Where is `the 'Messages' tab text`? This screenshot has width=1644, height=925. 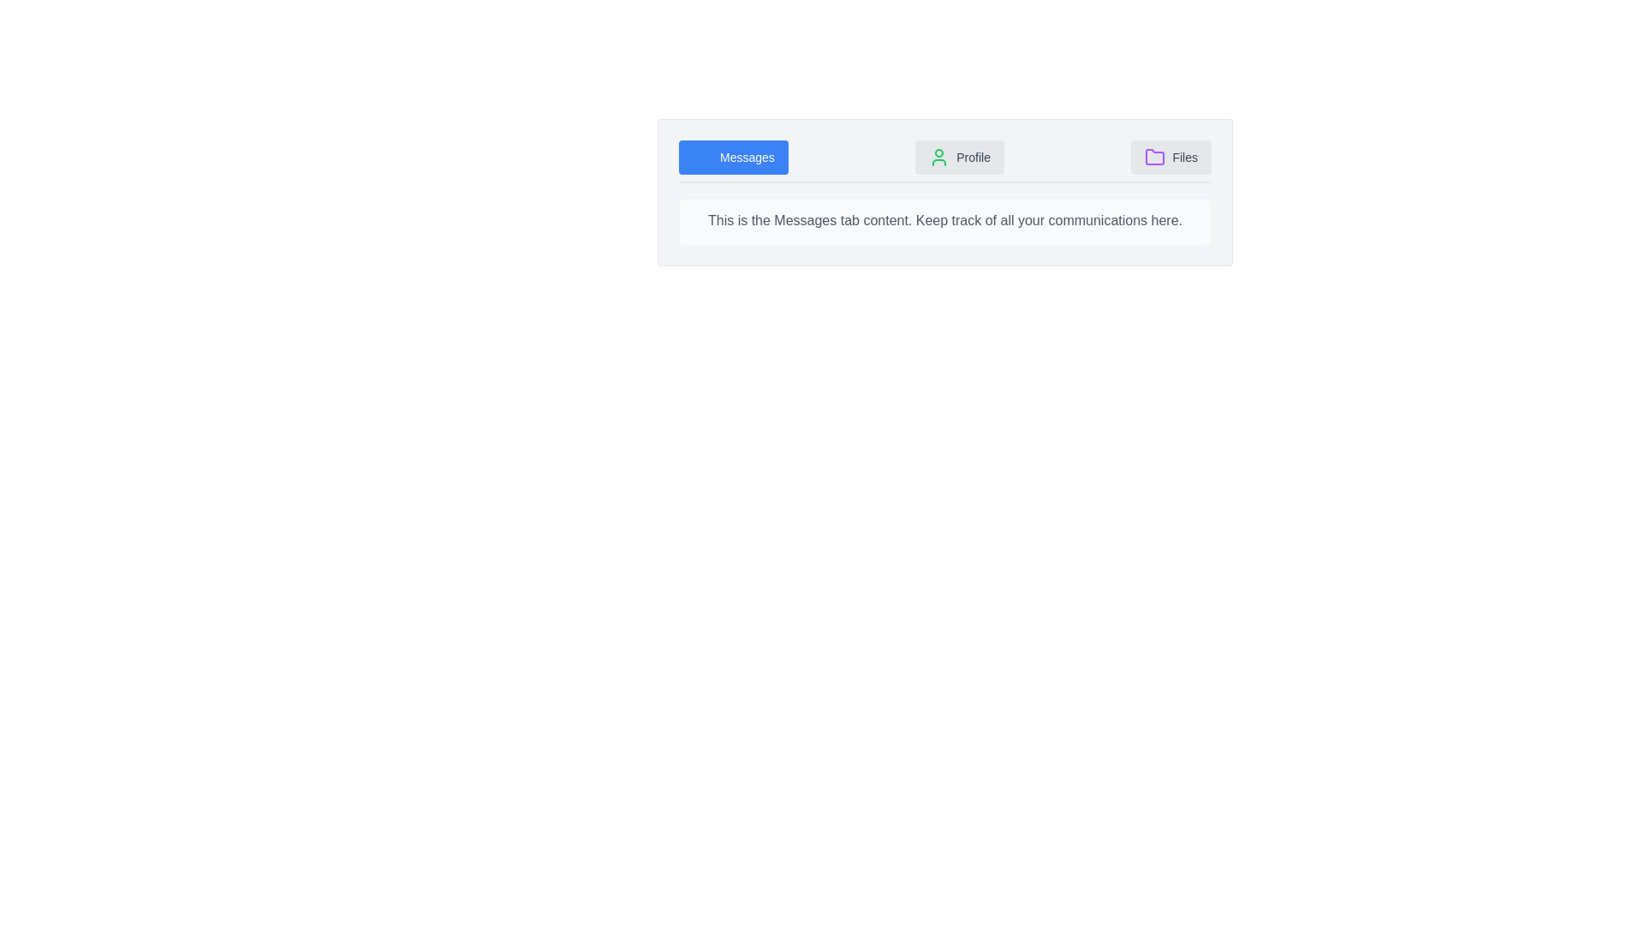 the 'Messages' tab text is located at coordinates (733, 158).